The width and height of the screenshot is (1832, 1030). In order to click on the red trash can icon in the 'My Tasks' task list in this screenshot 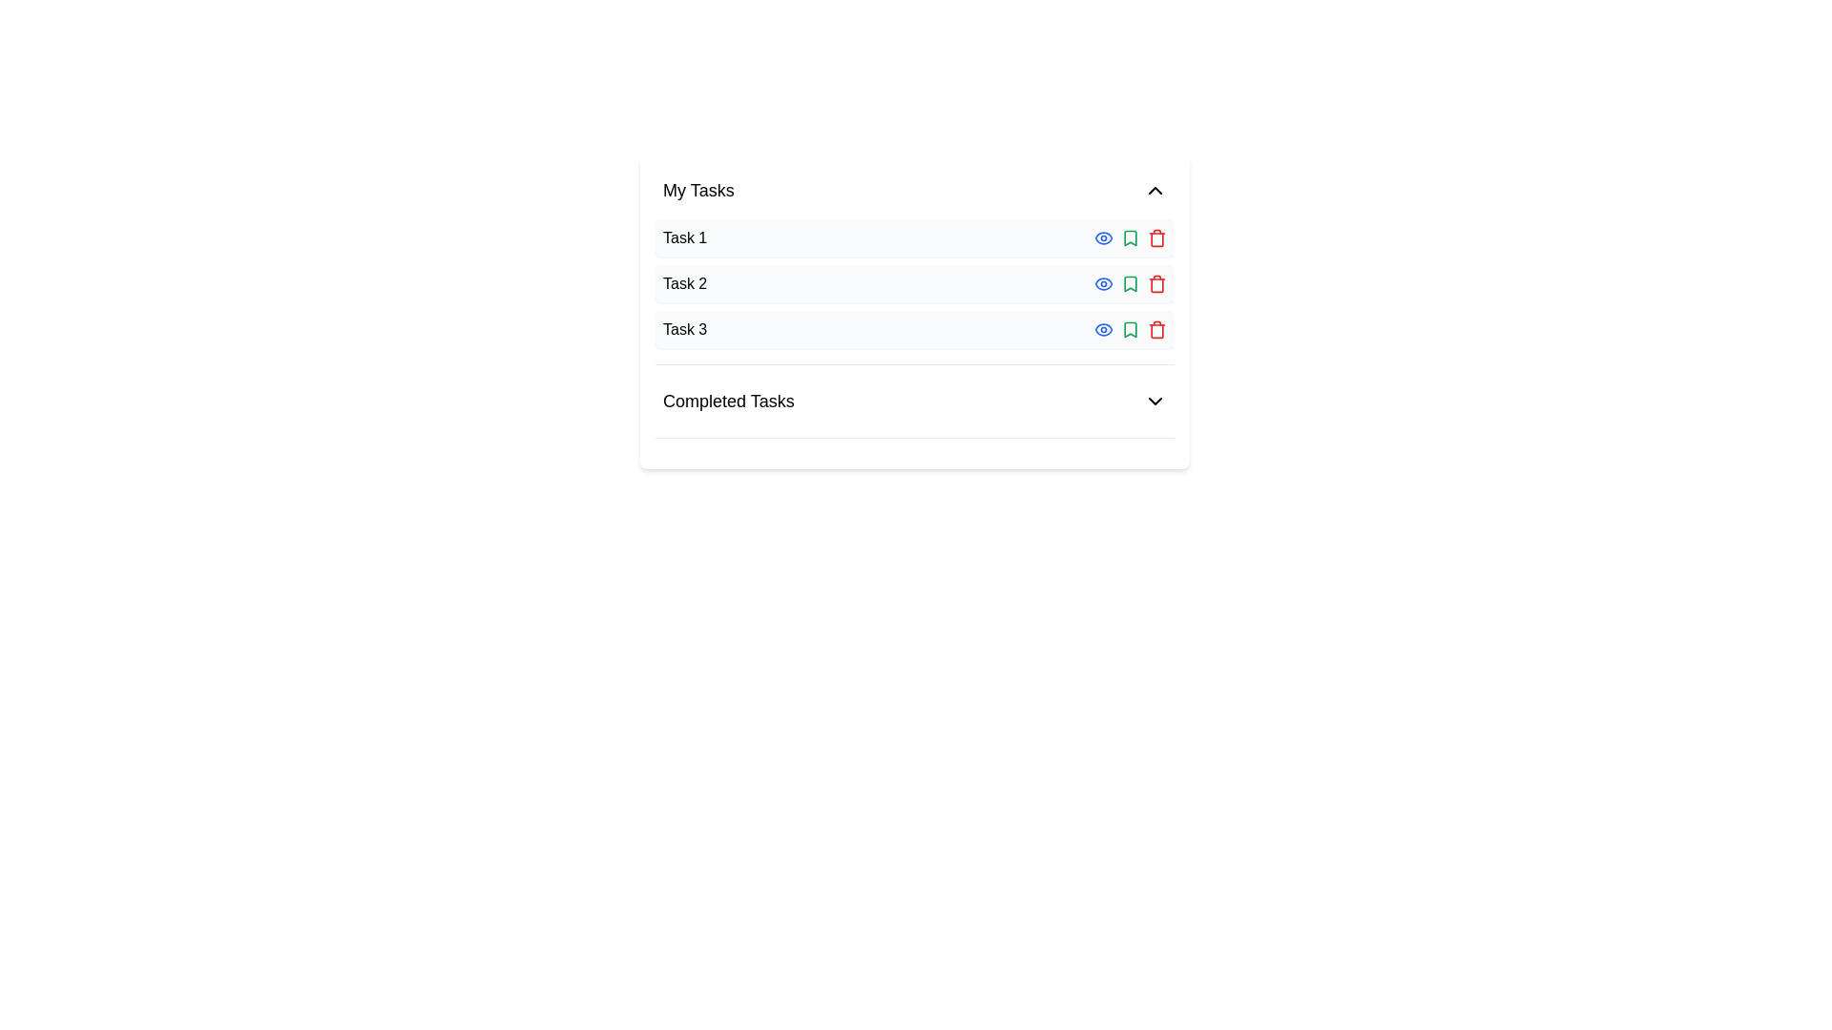, I will do `click(1156, 330)`.